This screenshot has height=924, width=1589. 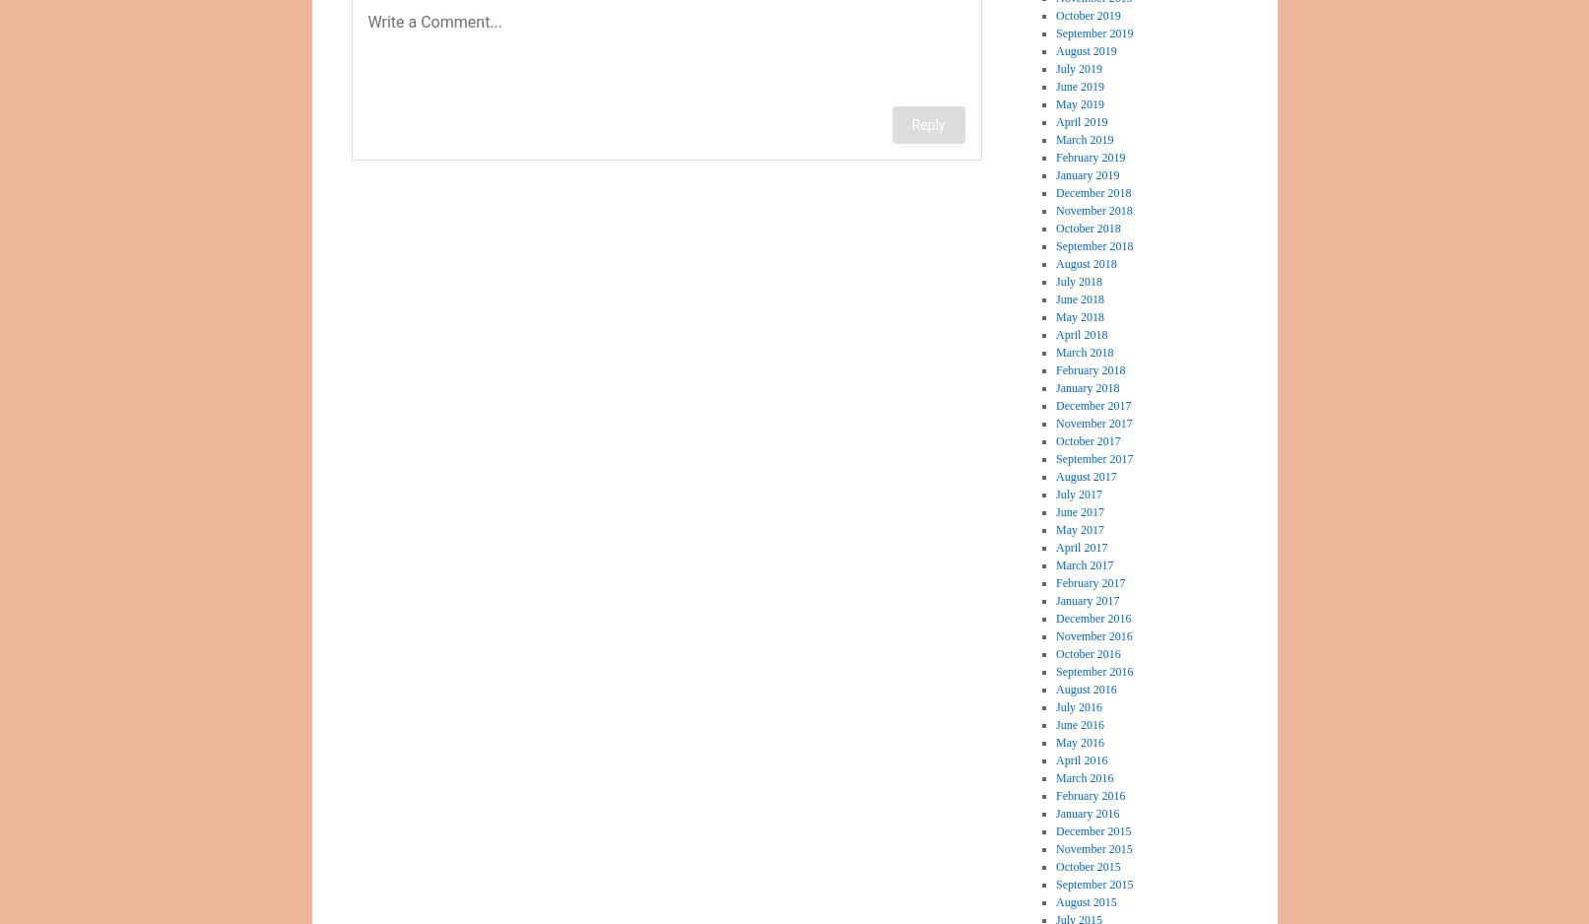 I want to click on 'June 2018', so click(x=1055, y=298).